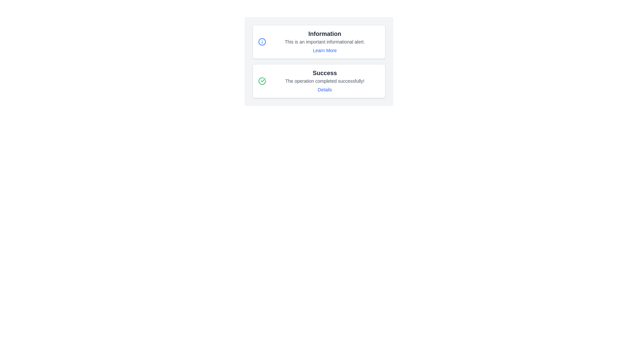 Image resolution: width=638 pixels, height=359 pixels. Describe the element at coordinates (325, 80) in the screenshot. I see `the confirmation message text indicating successful completion of an operation, which is located directly below the heading 'Success' and above the link 'Details'` at that location.